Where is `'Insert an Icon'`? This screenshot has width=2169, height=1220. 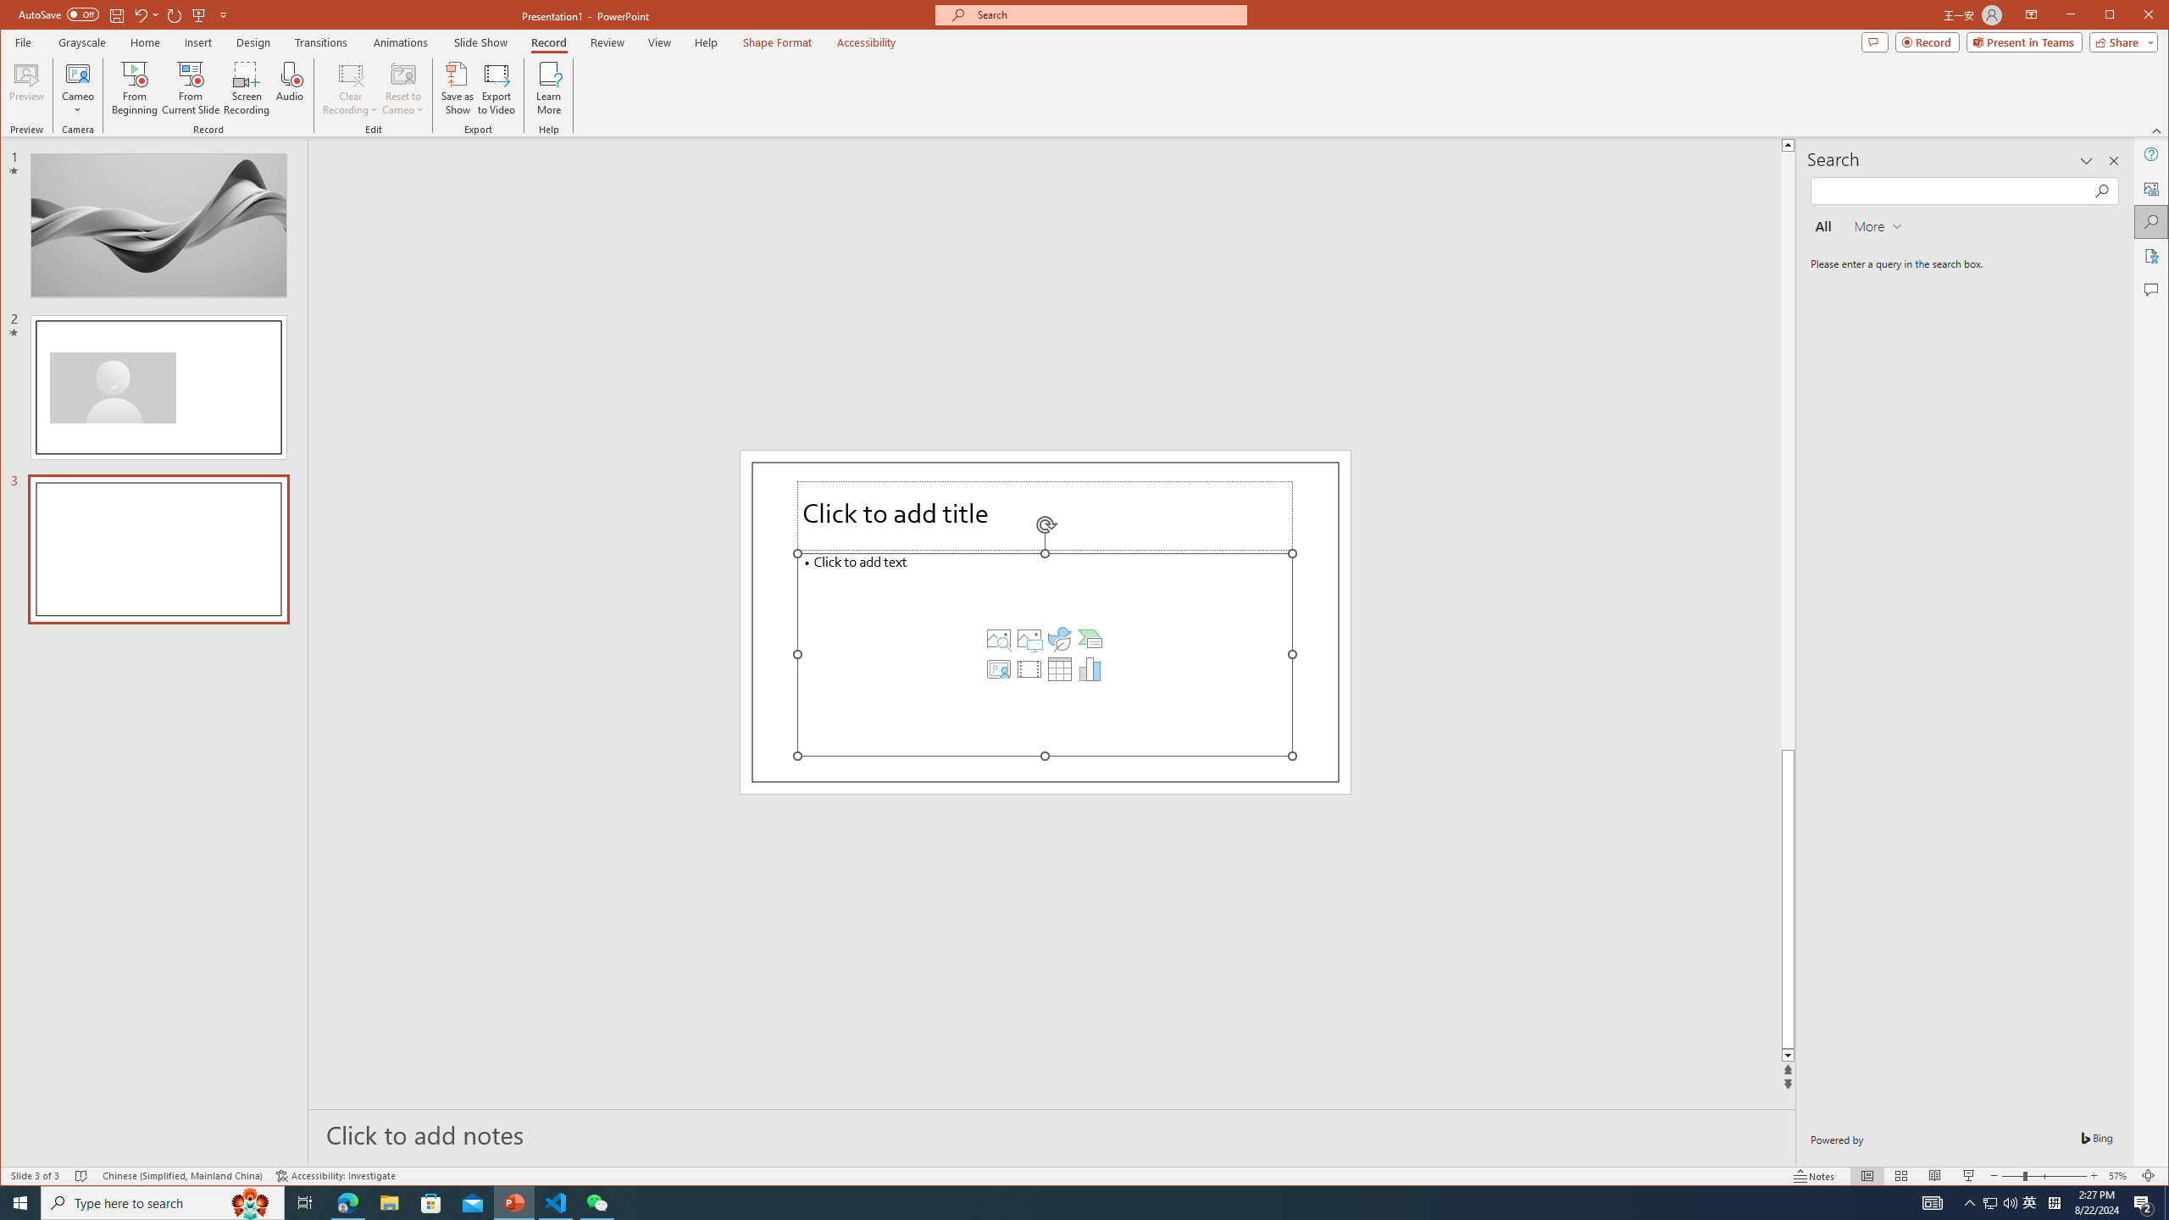
'Insert an Icon' is located at coordinates (1059, 637).